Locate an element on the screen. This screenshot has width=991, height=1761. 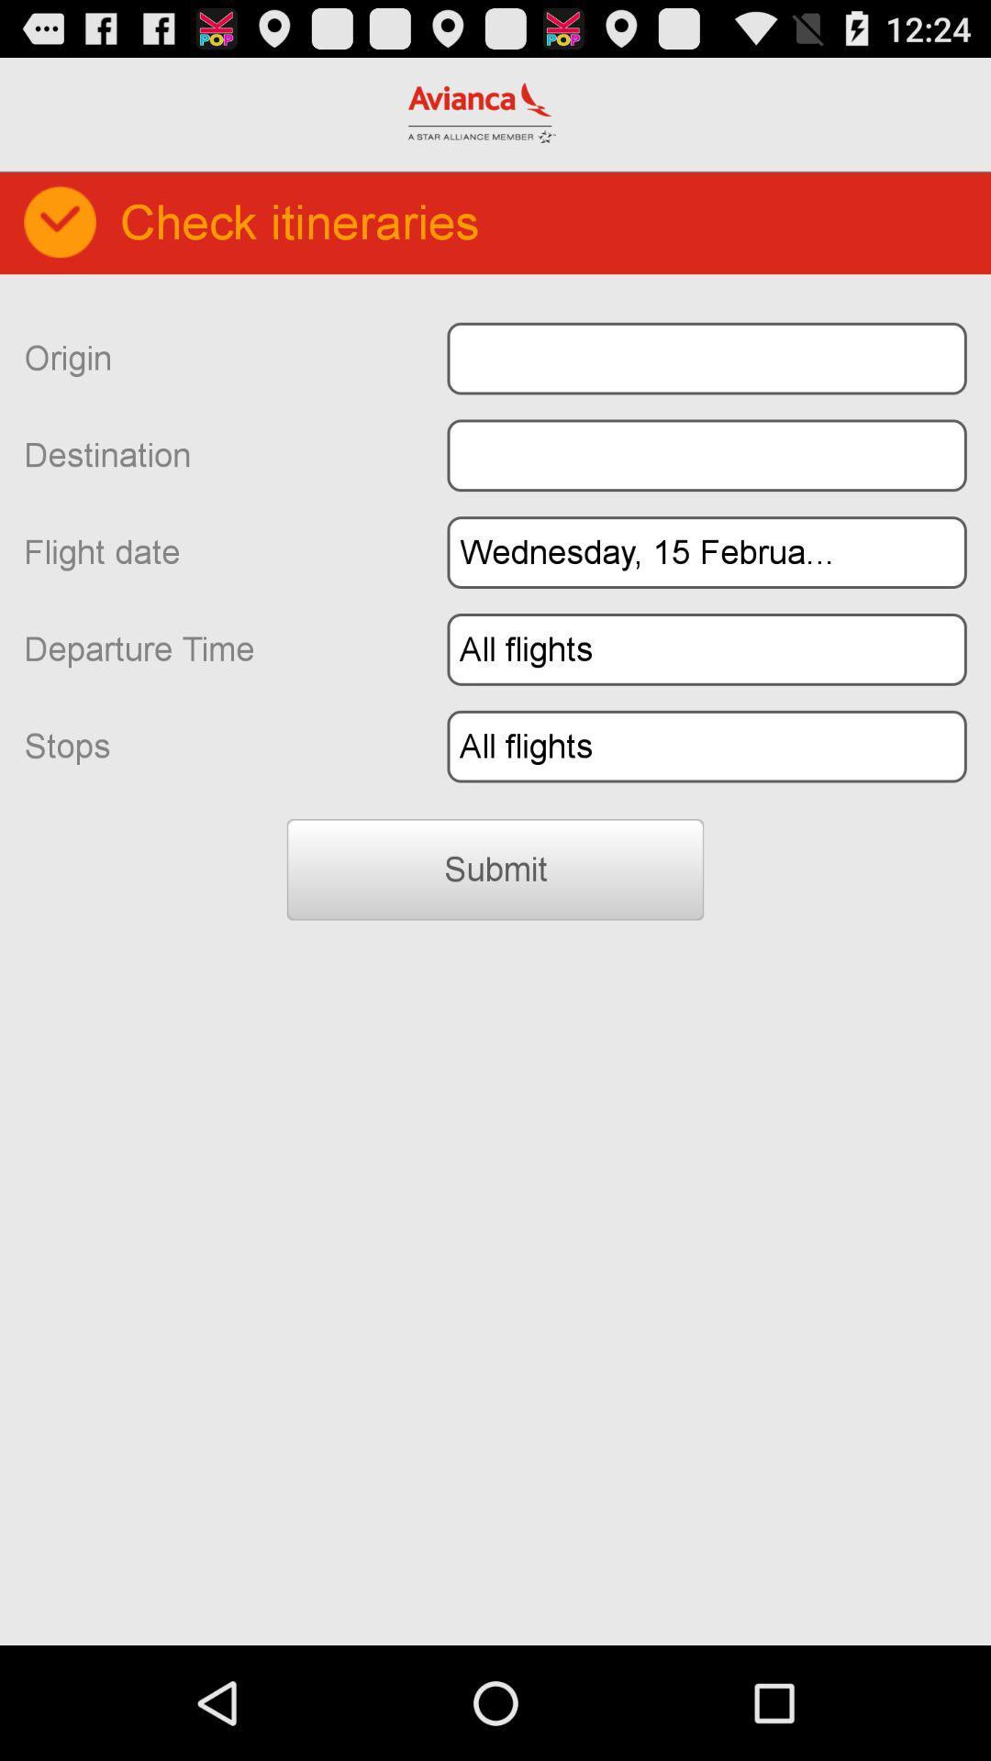
insert orgin is located at coordinates (706, 359).